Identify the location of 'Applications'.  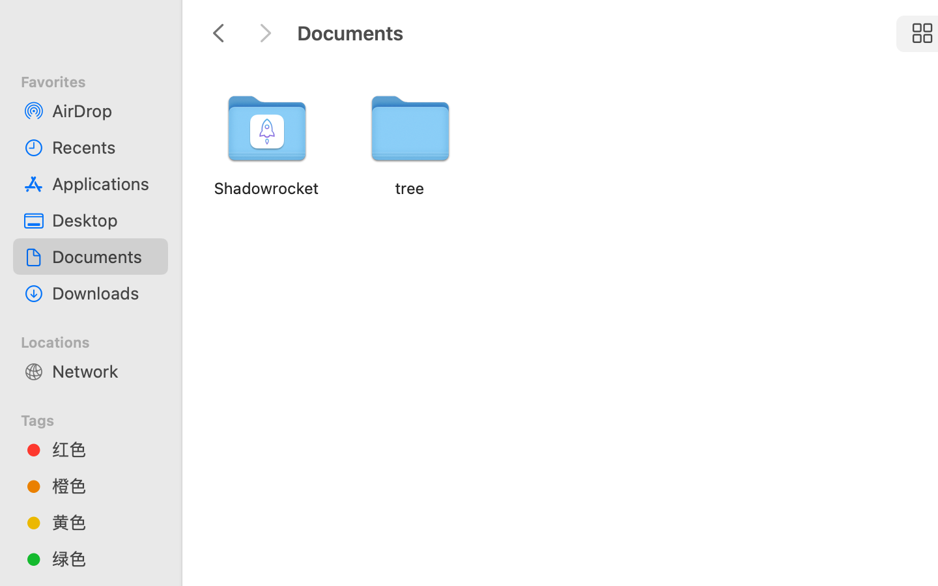
(104, 182).